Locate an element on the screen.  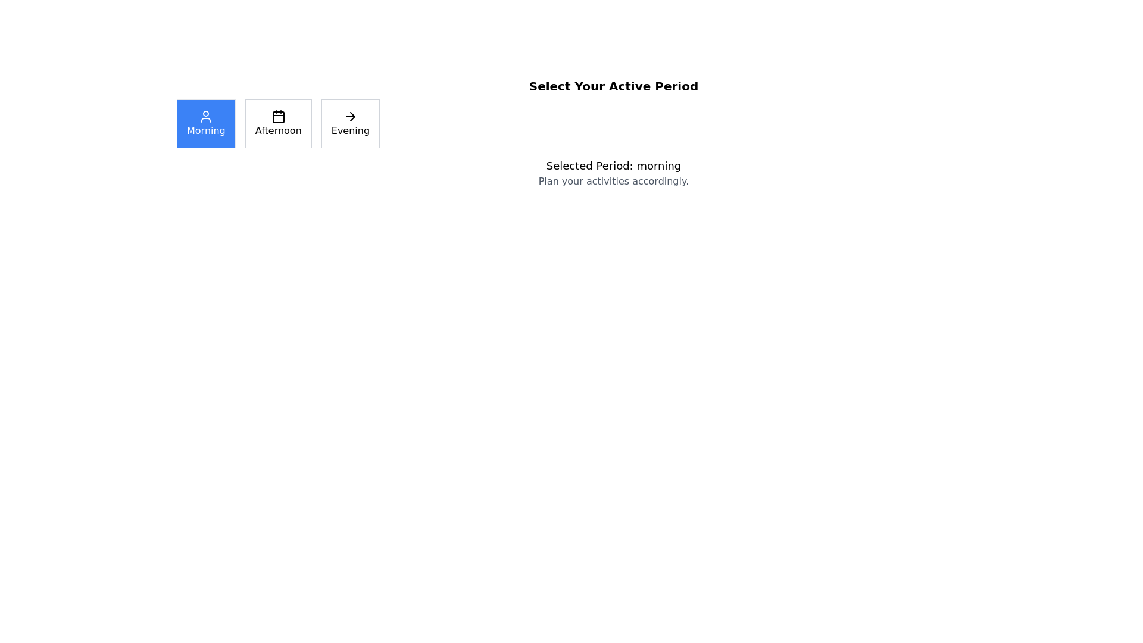
the arrow icon is located at coordinates (349, 117).